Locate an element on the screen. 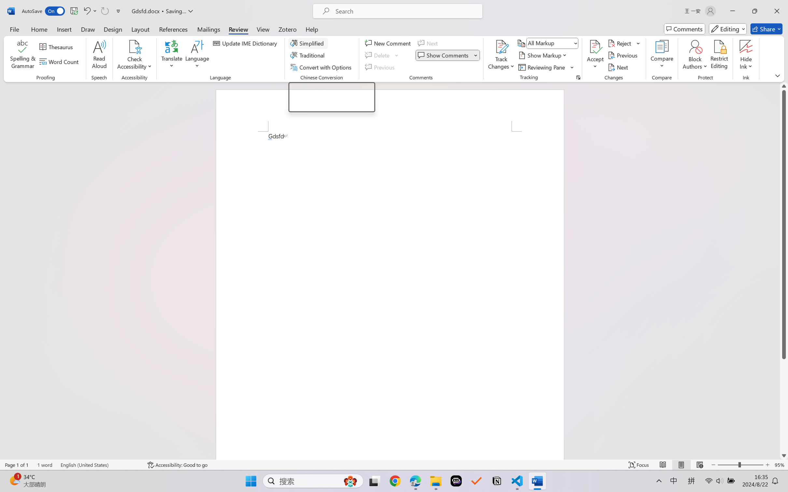 This screenshot has width=788, height=492. 'Show Markup' is located at coordinates (543, 55).